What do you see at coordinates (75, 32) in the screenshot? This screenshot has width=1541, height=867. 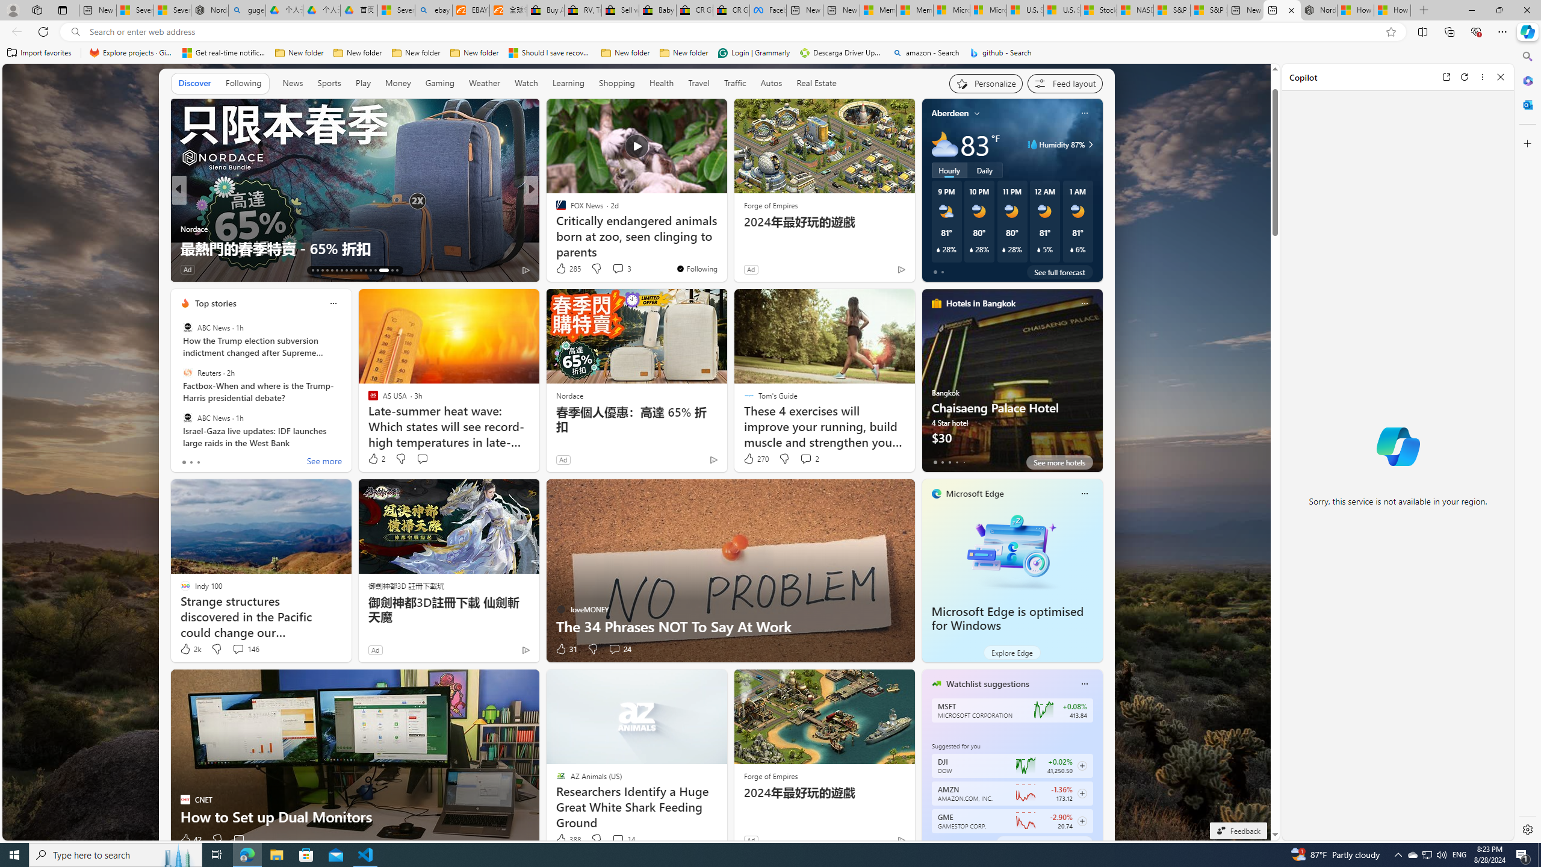 I see `'Search icon'` at bounding box center [75, 32].